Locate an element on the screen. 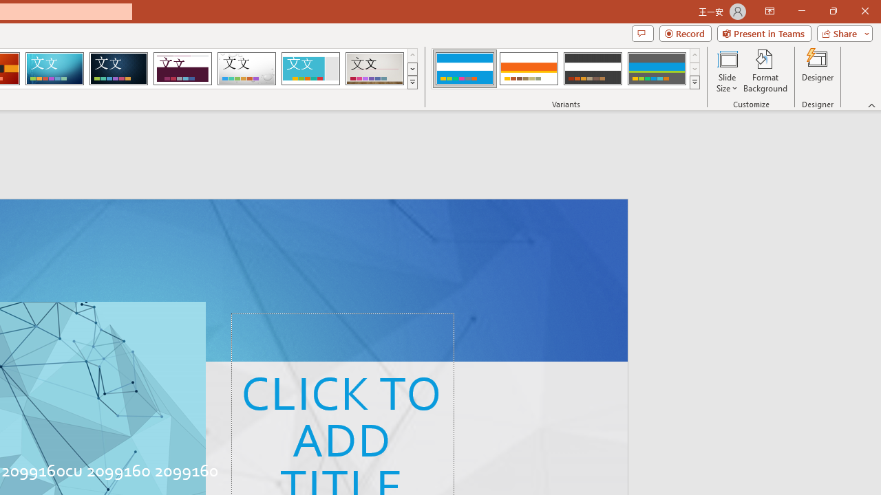  'Themes' is located at coordinates (412, 82).